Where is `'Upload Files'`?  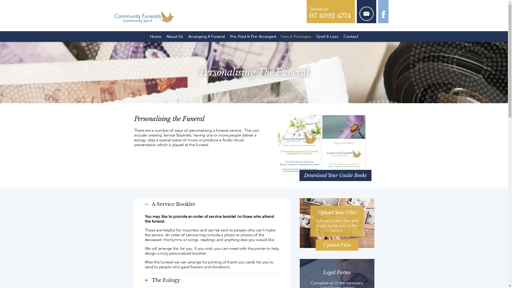
'Upload Files' is located at coordinates (316, 245).